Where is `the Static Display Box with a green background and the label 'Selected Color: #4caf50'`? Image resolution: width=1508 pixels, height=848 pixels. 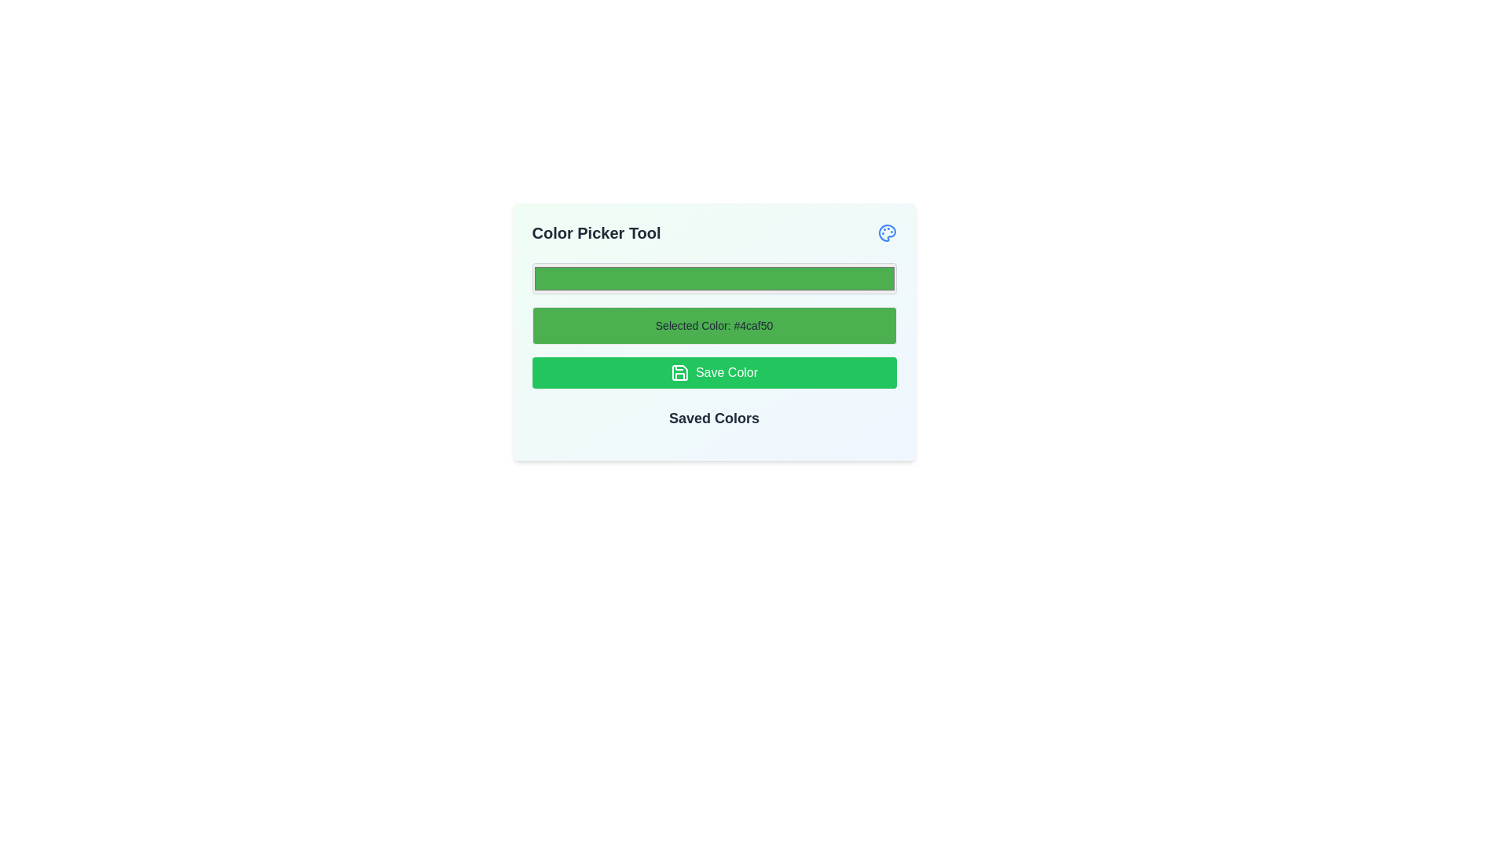 the Static Display Box with a green background and the label 'Selected Color: #4caf50' is located at coordinates (713, 325).